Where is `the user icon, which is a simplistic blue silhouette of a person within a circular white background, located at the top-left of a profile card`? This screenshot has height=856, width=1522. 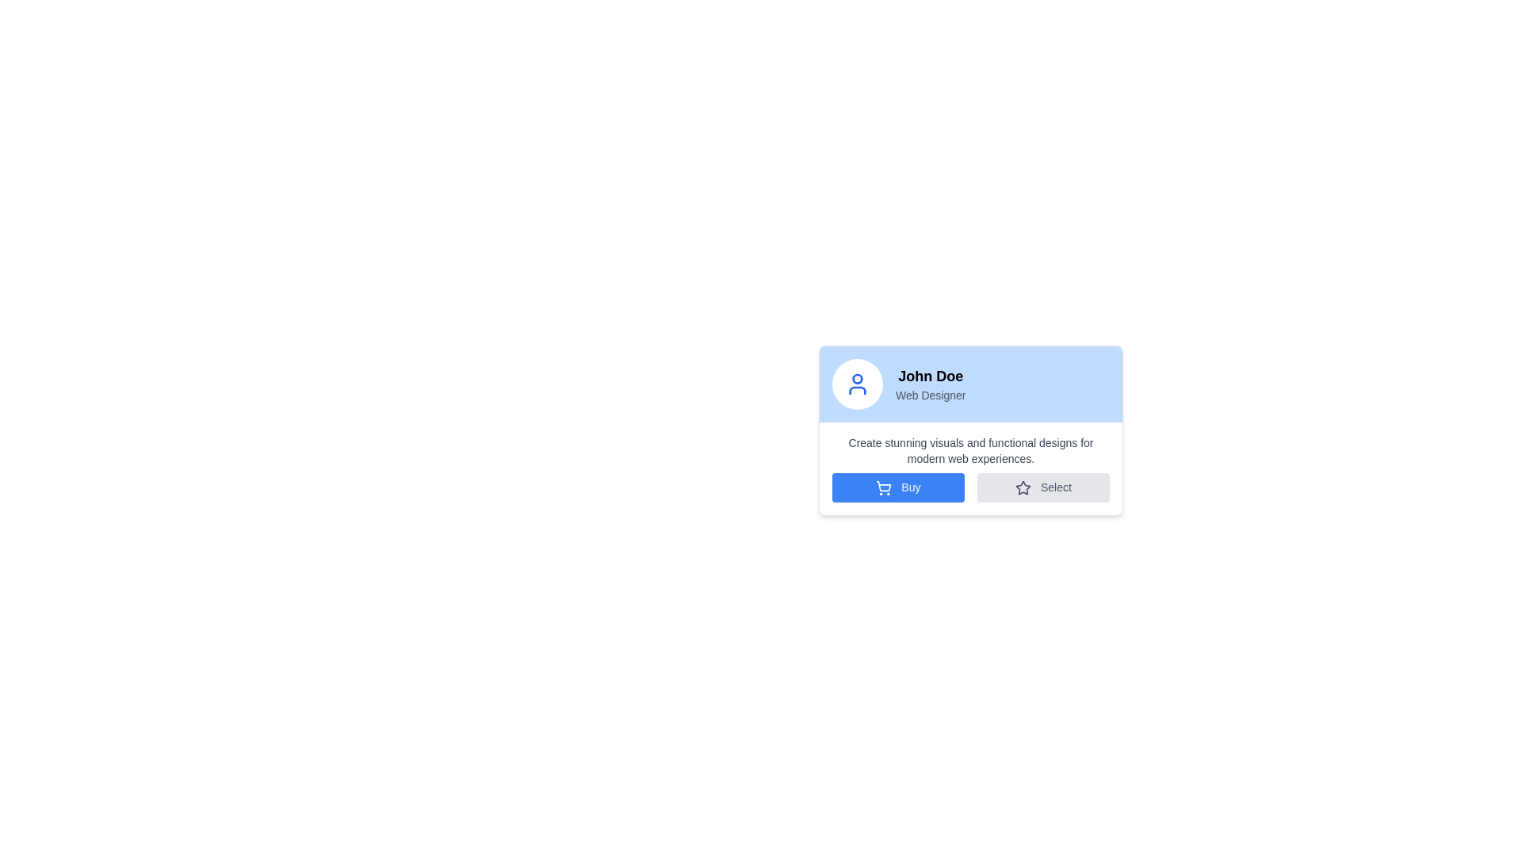 the user icon, which is a simplistic blue silhouette of a person within a circular white background, located at the top-left of a profile card is located at coordinates (856, 384).